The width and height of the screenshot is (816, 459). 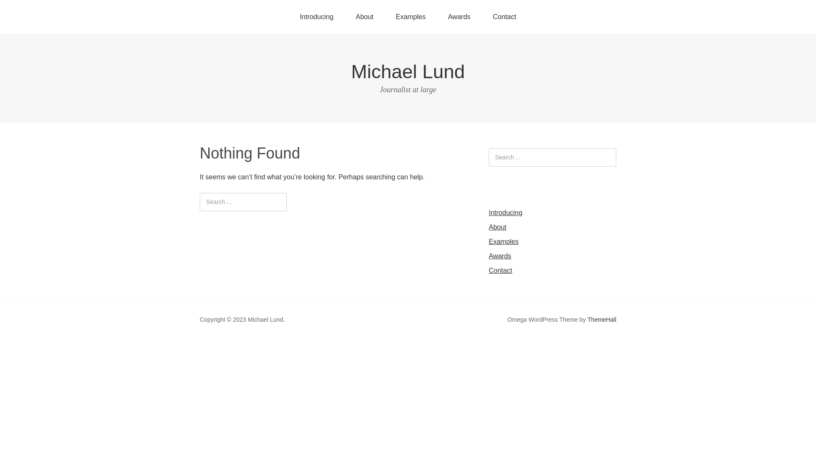 What do you see at coordinates (498, 227) in the screenshot?
I see `'About'` at bounding box center [498, 227].